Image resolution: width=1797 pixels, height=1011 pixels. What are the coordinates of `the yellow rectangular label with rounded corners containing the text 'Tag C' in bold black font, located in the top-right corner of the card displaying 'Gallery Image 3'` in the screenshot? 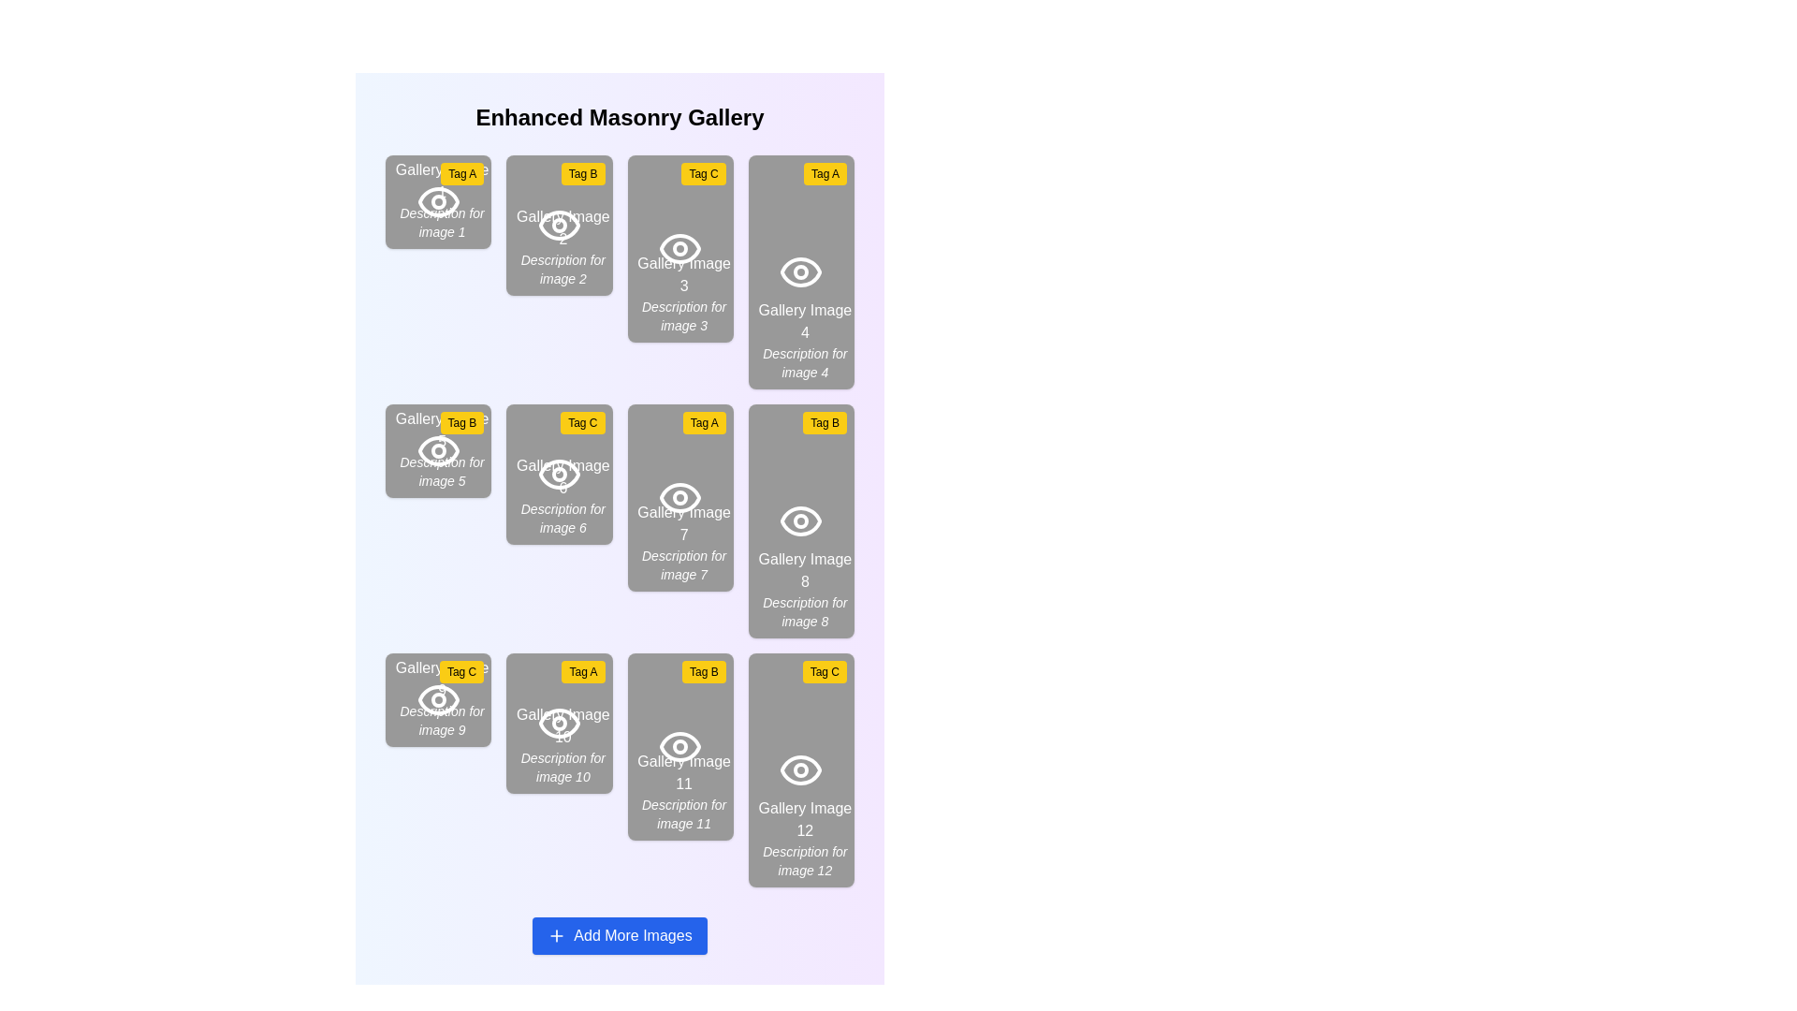 It's located at (703, 173).